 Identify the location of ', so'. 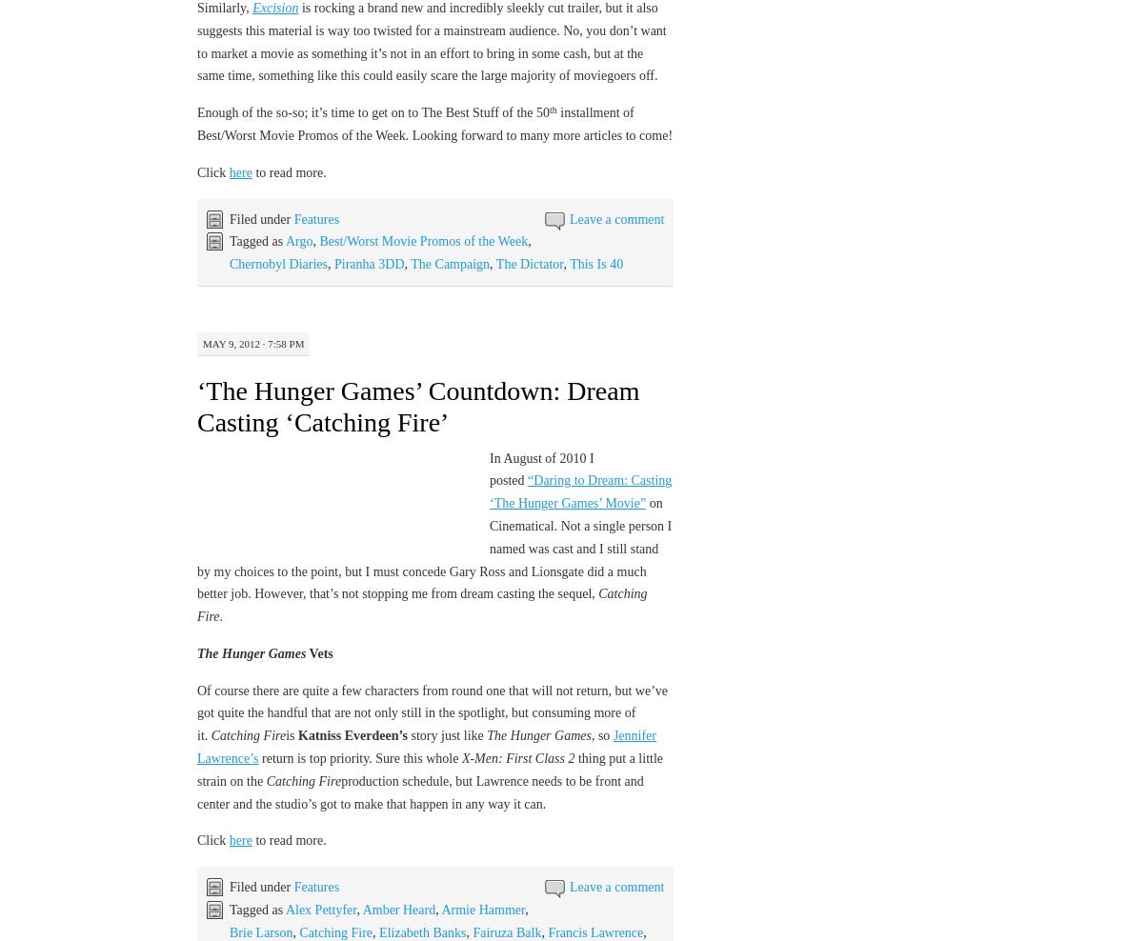
(600, 734).